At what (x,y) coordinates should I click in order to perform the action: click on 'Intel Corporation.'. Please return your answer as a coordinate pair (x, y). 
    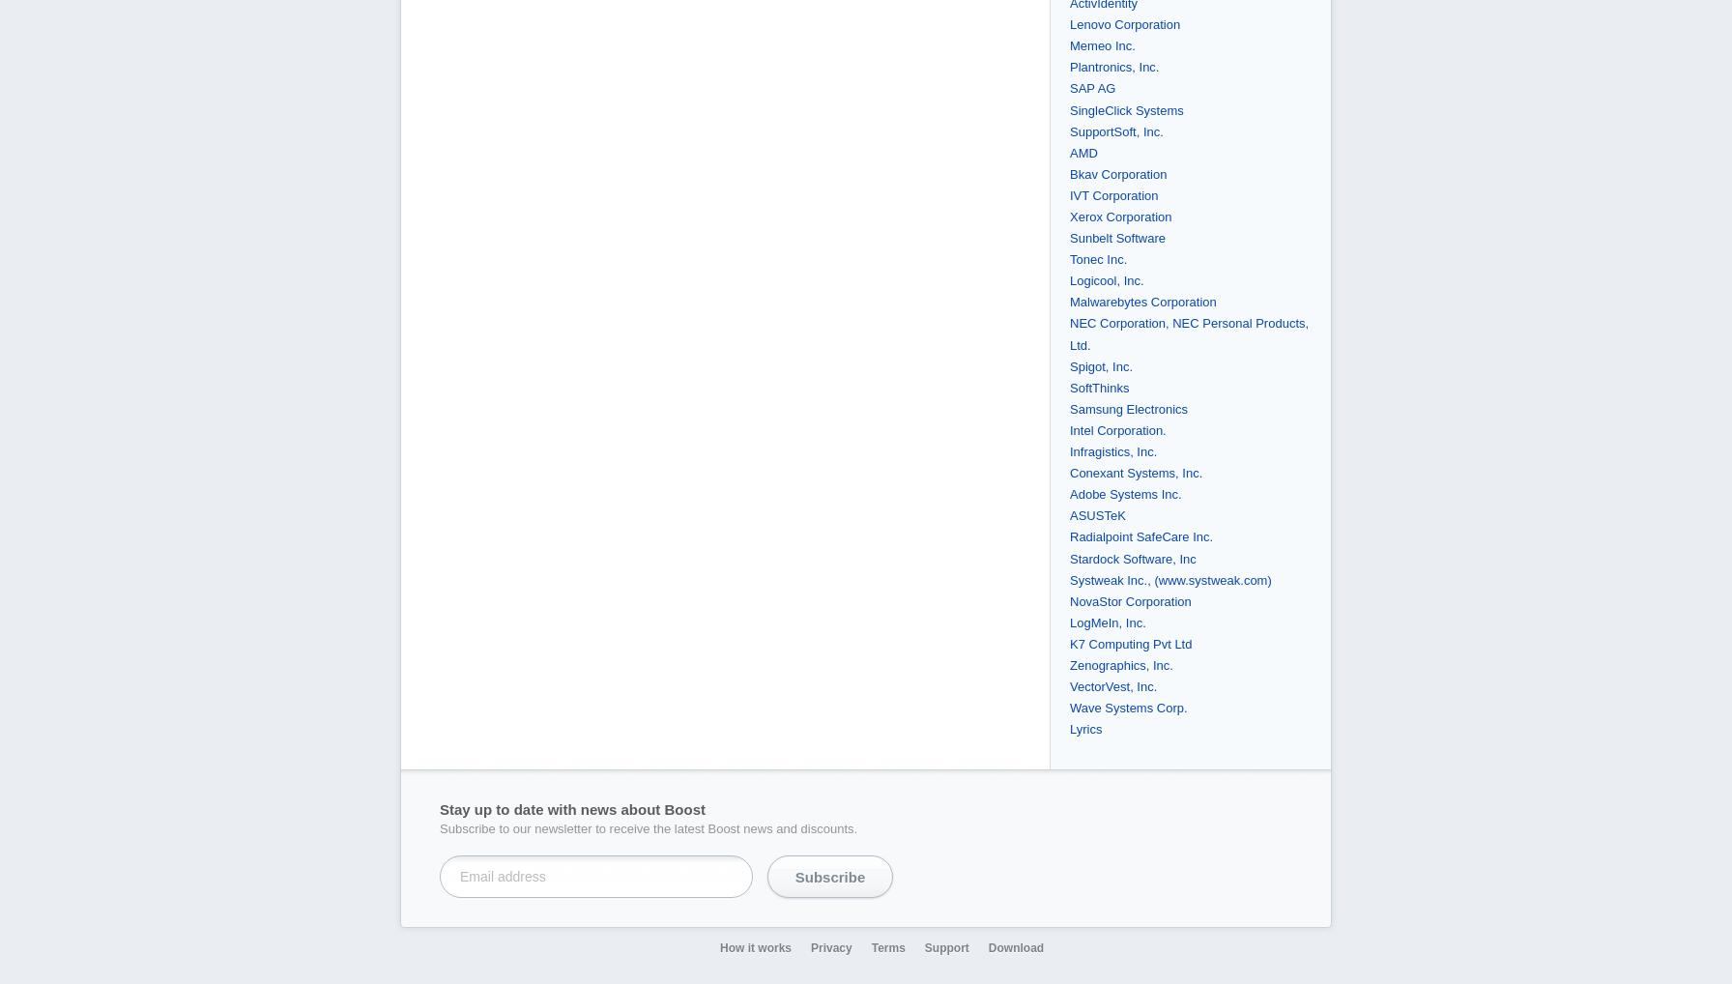
    Looking at the image, I should click on (1117, 428).